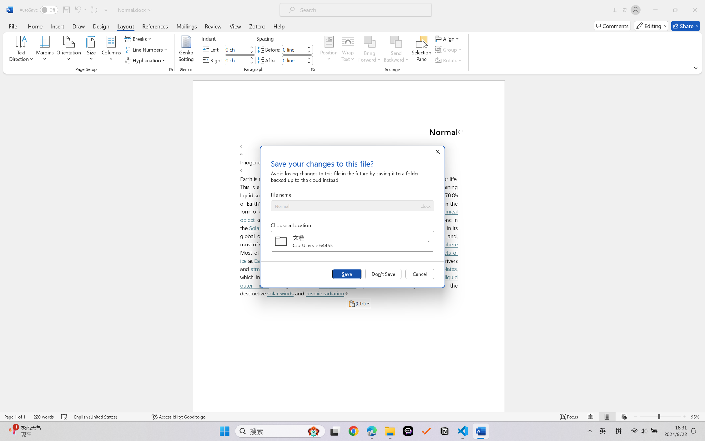 The image size is (705, 441). I want to click on 'More', so click(309, 58).